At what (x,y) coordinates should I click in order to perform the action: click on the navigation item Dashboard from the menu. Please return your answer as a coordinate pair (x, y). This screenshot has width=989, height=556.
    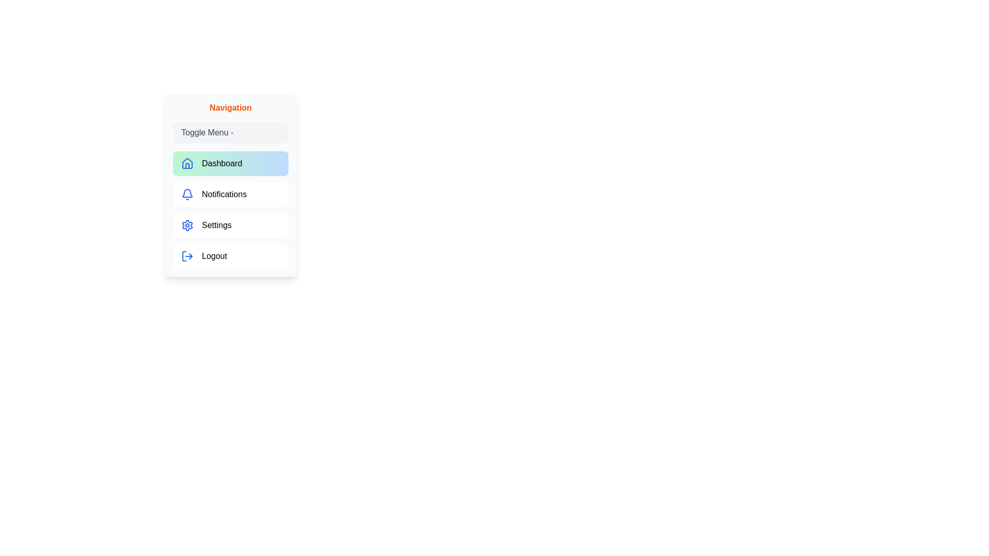
    Looking at the image, I should click on (230, 163).